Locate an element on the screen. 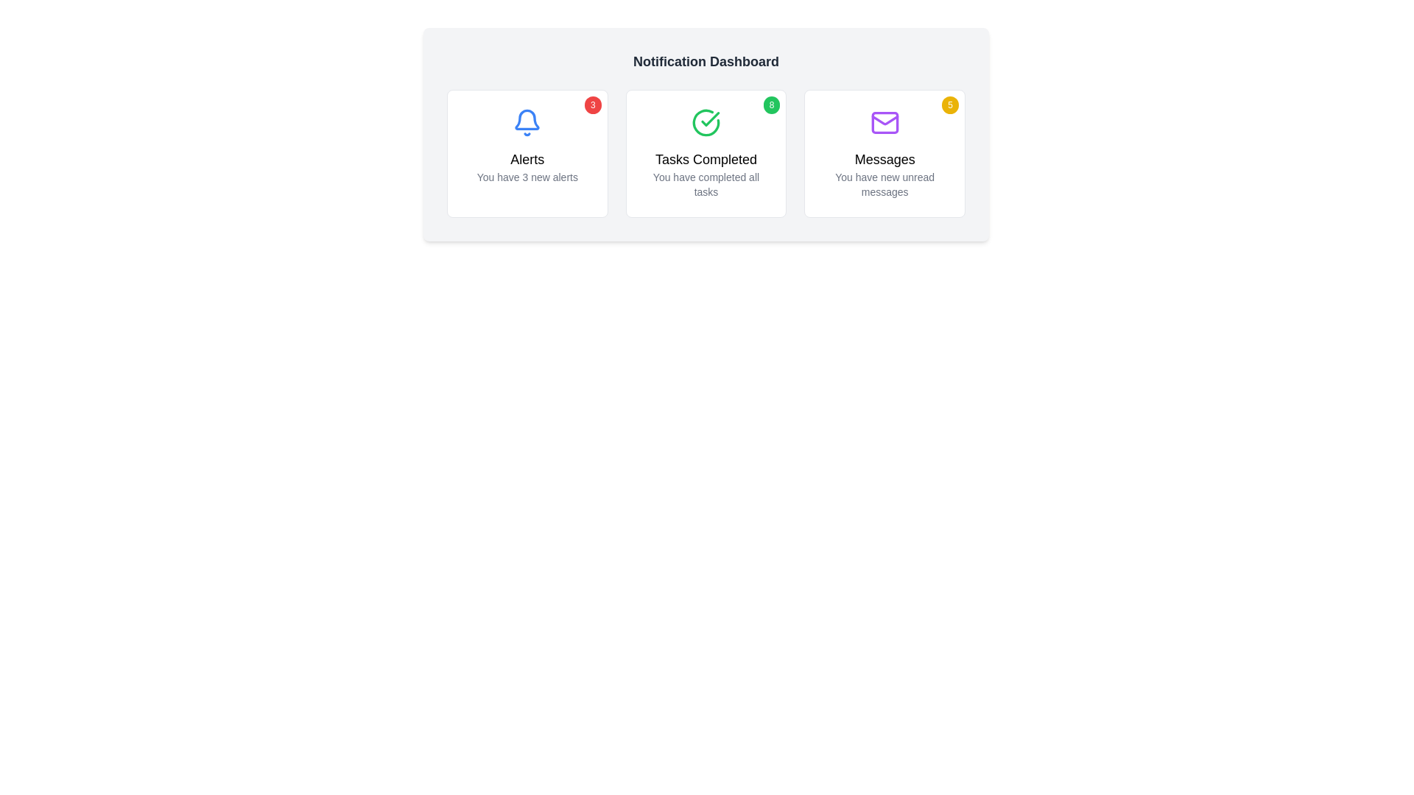  Notification Badge, which is a small red circular badge containing the number '3' in white text, located at the top-right corner of the 'Alerts' card is located at coordinates (593, 104).